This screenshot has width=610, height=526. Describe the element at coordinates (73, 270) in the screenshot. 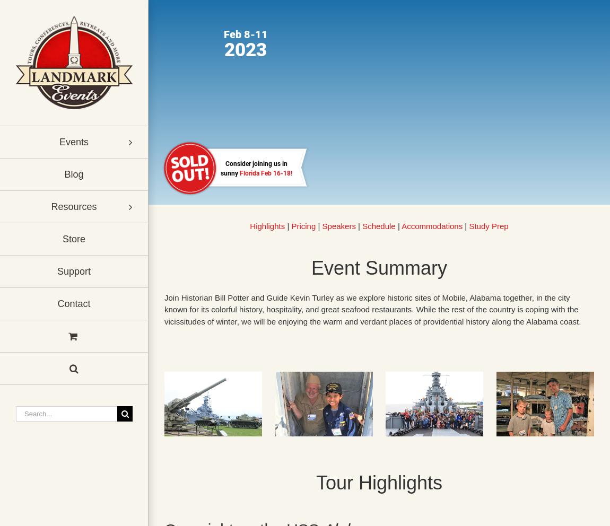

I see `'Support'` at that location.